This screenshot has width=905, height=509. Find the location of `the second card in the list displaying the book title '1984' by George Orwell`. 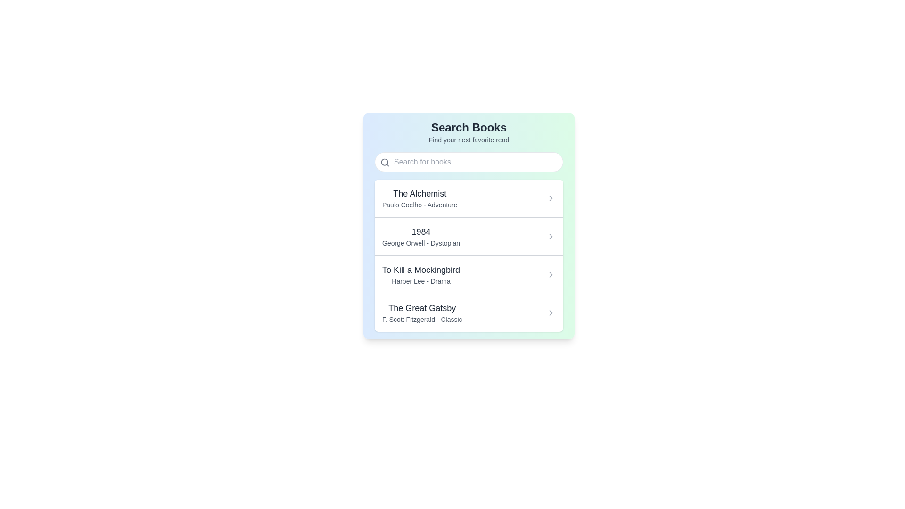

the second card in the list displaying the book title '1984' by George Orwell is located at coordinates (469, 226).